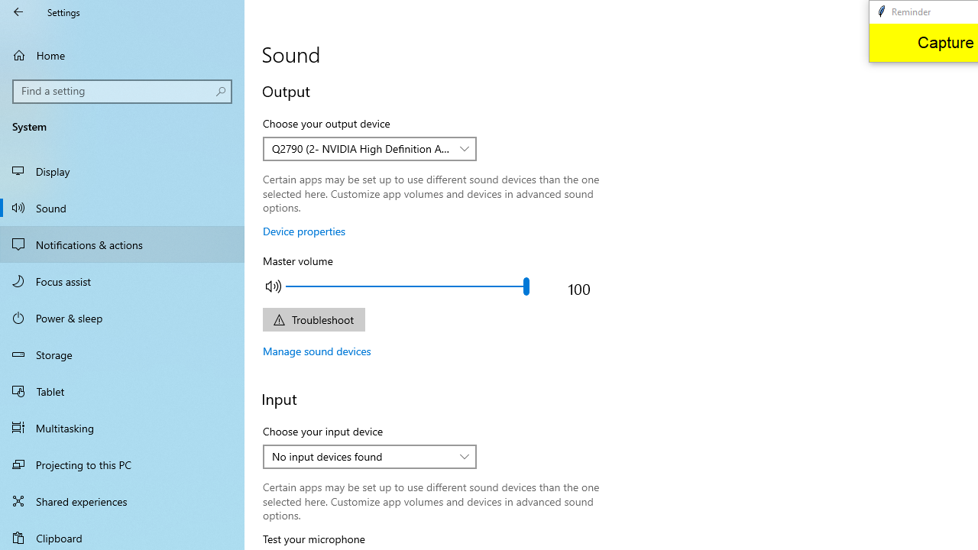 The width and height of the screenshot is (978, 550). Describe the element at coordinates (361, 455) in the screenshot. I see `'No input devices found'` at that location.